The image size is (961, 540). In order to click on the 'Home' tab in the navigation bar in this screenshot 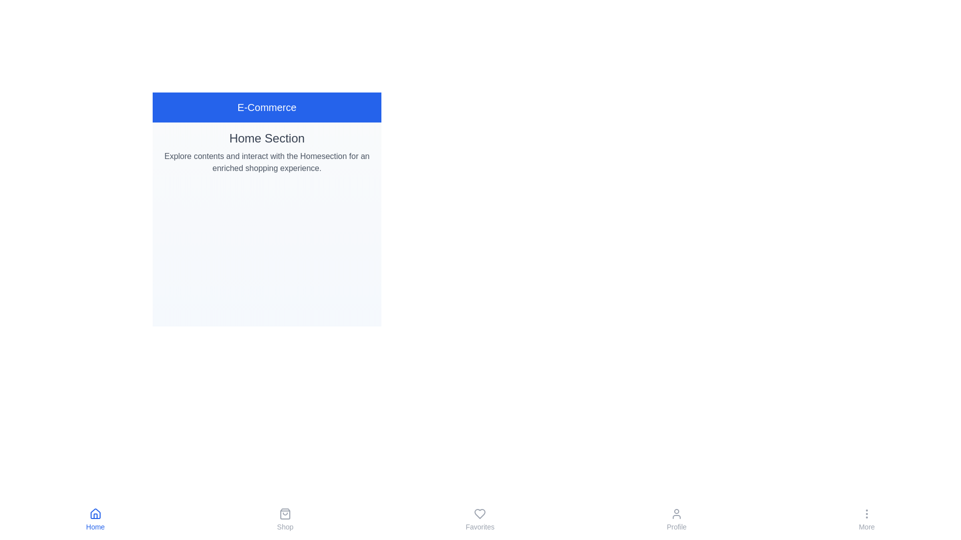, I will do `click(95, 519)`.